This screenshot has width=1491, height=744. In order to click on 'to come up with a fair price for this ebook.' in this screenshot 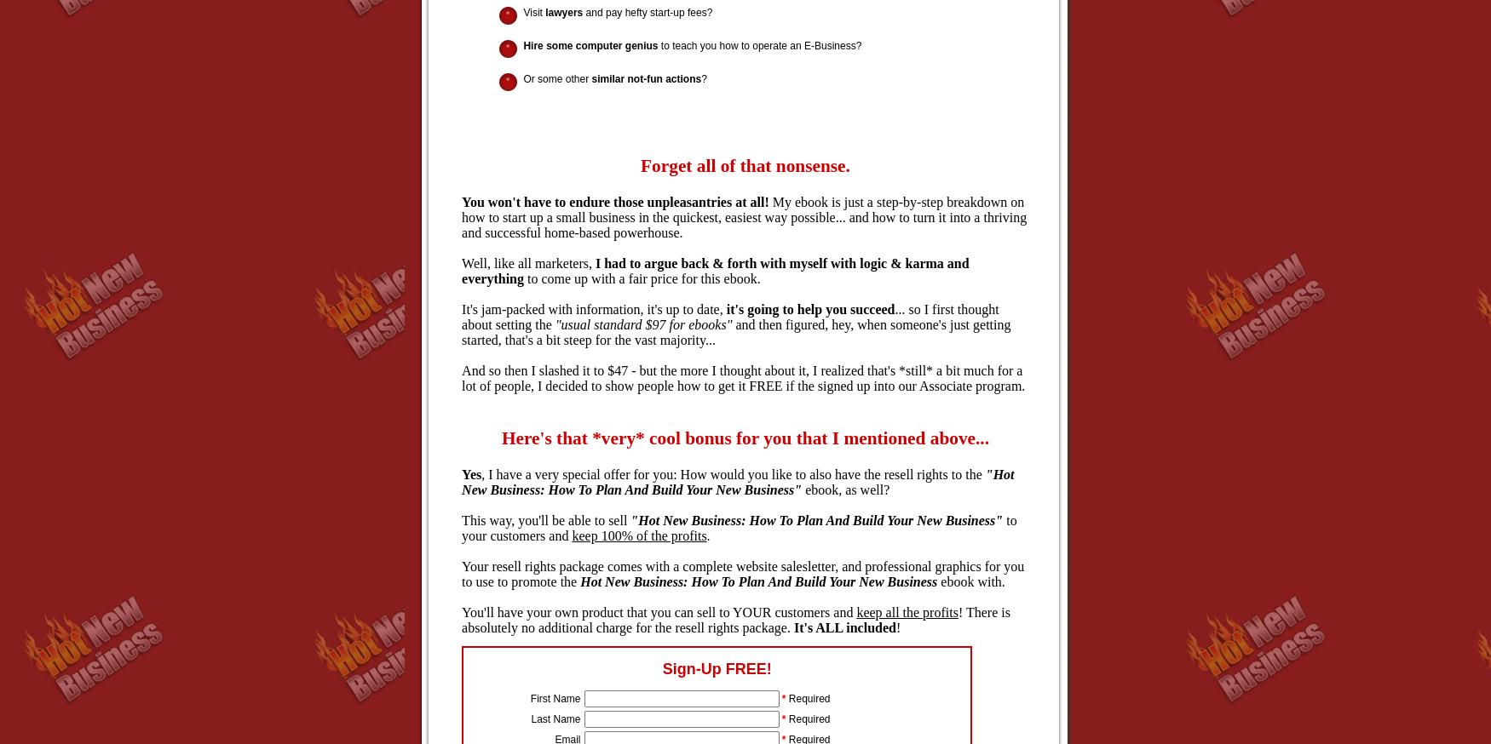, I will do `click(641, 278)`.